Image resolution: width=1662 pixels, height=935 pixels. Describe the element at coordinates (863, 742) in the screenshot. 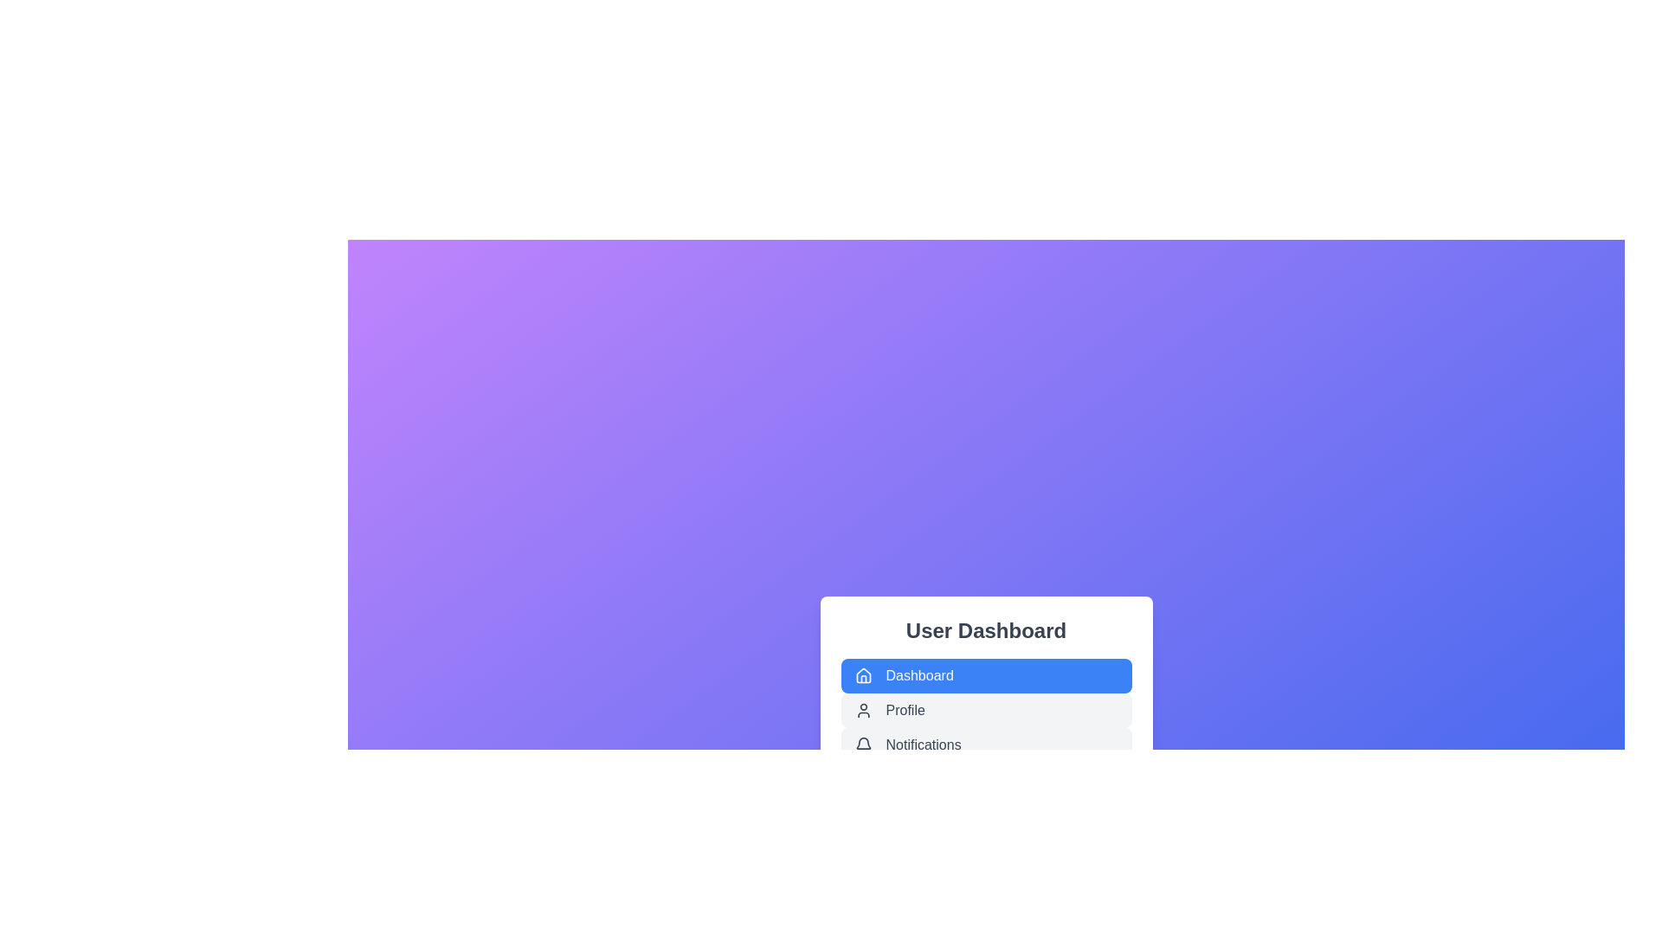

I see `the bell icon notification element, which is a simple outline design located at the top center of the user dashboard interface` at that location.